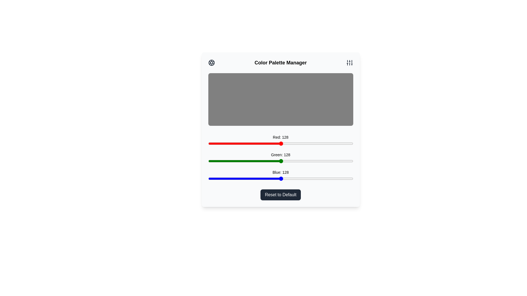 This screenshot has height=296, width=527. Describe the element at coordinates (324, 178) in the screenshot. I see `the blue slider to set the blue intensity to 204` at that location.